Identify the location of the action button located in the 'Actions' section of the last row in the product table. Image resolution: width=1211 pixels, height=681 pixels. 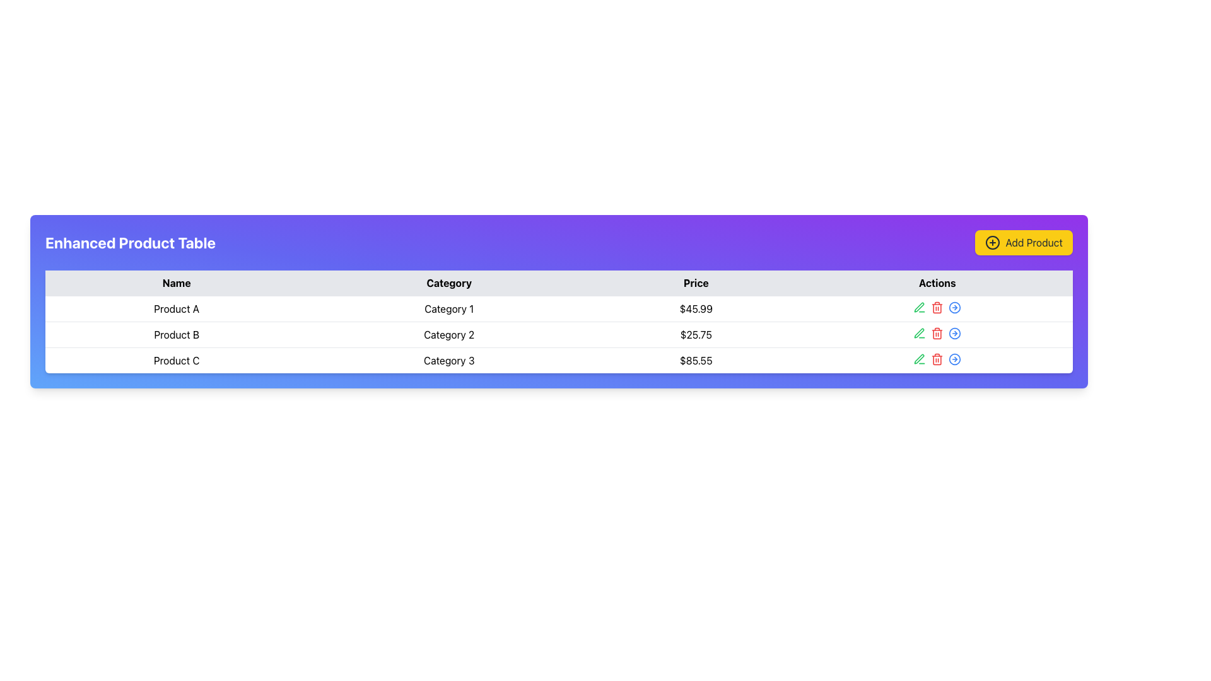
(954, 359).